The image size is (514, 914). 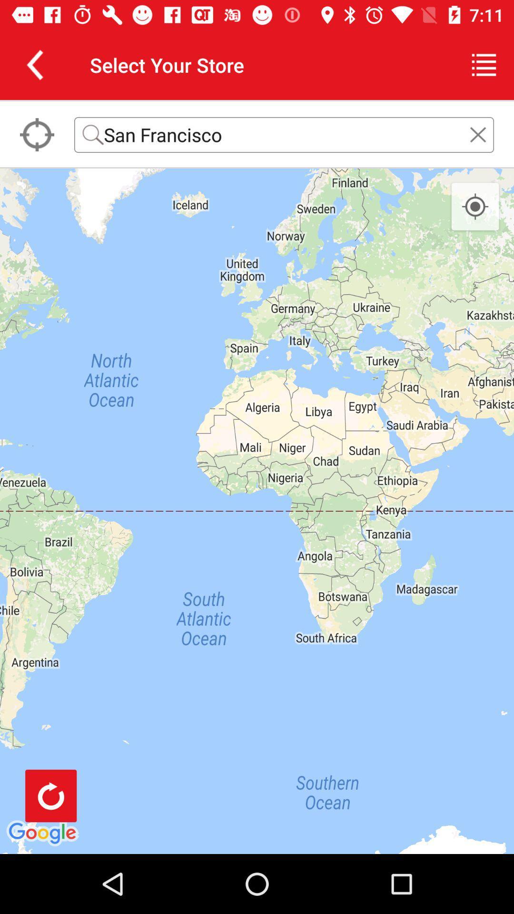 I want to click on icon to the left of select your store icon, so click(x=34, y=64).